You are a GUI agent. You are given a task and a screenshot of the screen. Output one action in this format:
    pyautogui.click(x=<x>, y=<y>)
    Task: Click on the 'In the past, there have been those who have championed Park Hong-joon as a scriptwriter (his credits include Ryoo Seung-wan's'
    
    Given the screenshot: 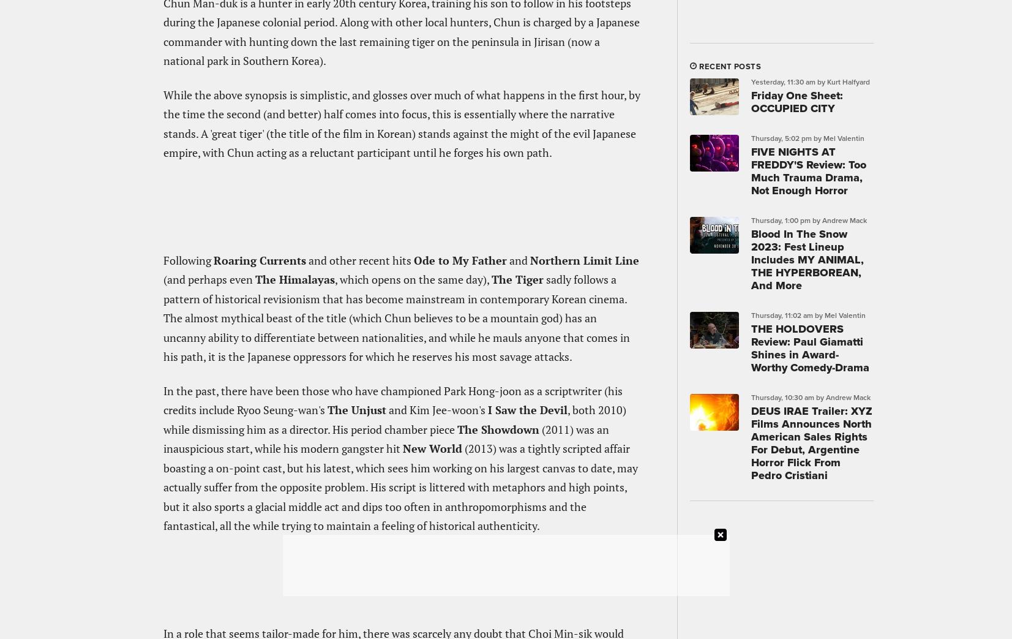 What is the action you would take?
    pyautogui.click(x=392, y=399)
    